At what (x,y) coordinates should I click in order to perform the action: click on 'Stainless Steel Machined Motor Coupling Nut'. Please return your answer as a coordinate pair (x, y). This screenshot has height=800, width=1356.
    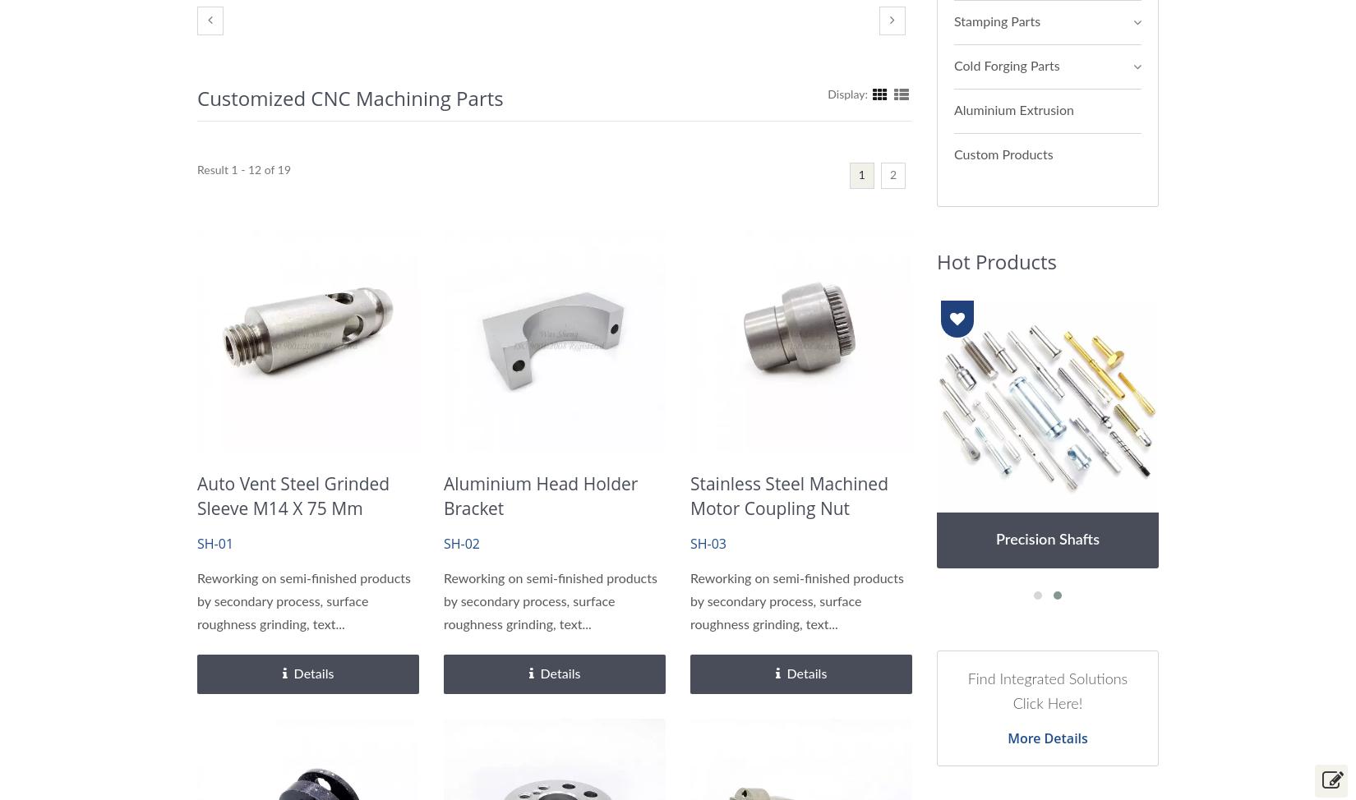
    Looking at the image, I should click on (788, 494).